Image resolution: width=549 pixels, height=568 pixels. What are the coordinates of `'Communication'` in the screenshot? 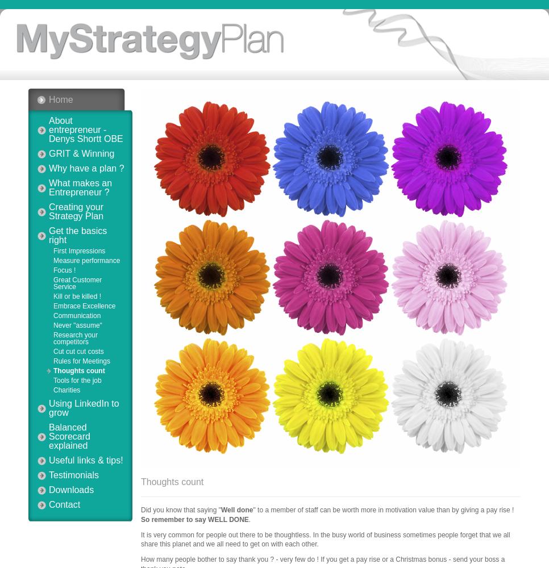 It's located at (77, 316).